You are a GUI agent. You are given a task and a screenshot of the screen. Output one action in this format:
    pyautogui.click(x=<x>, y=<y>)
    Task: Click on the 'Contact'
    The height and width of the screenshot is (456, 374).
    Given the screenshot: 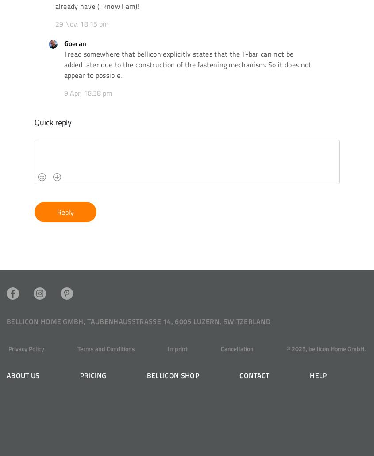 What is the action you would take?
    pyautogui.click(x=254, y=375)
    